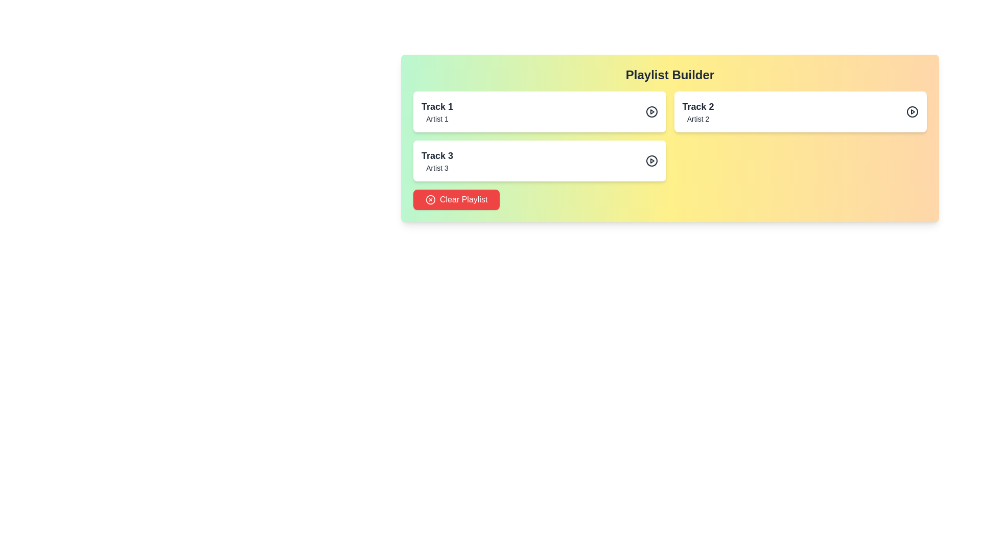  What do you see at coordinates (800, 112) in the screenshot?
I see `the track 2 to observe the hover effect` at bounding box center [800, 112].